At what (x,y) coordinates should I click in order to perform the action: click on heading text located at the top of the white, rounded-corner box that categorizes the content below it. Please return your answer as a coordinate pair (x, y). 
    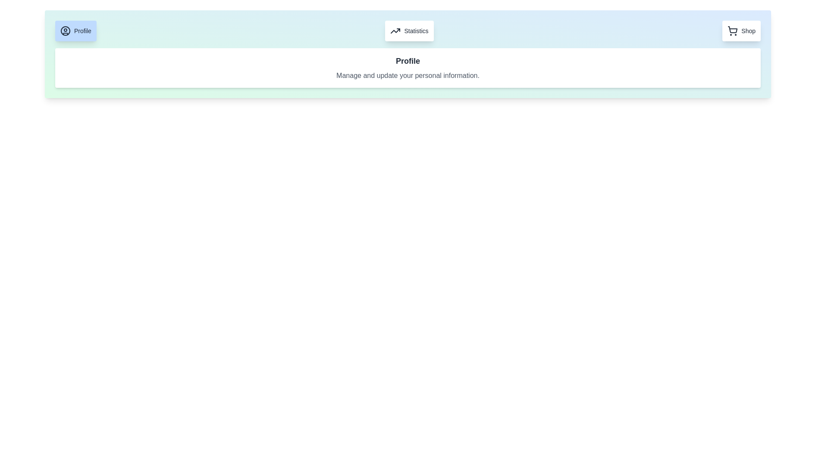
    Looking at the image, I should click on (407, 61).